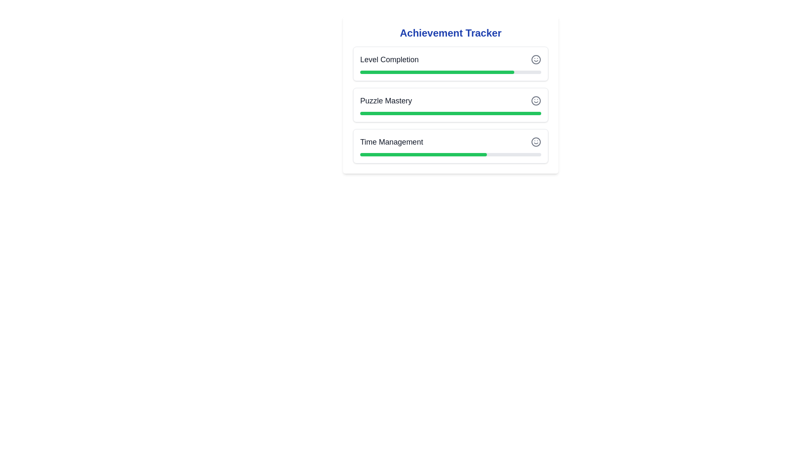 The image size is (808, 454). I want to click on the interactive status indicator icon for the 'Puzzle Mastery' achievement located on the far right side of the horizontal bar, so click(535, 100).